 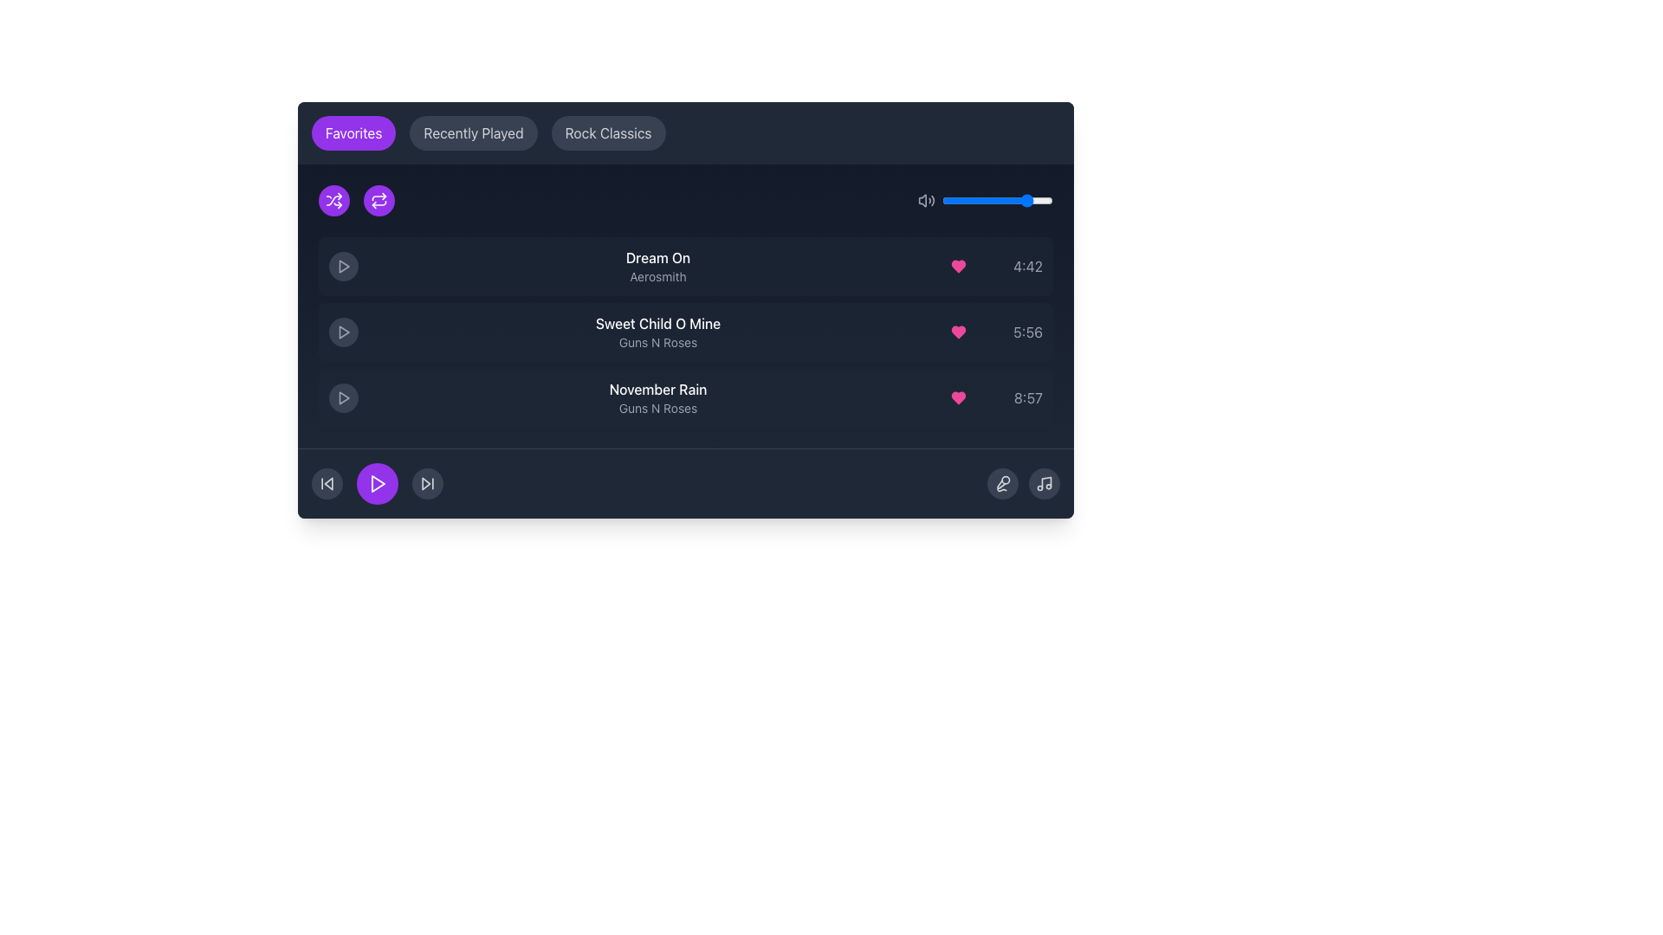 What do you see at coordinates (958, 397) in the screenshot?
I see `the heart icon in the 'Favorites' section of the music interface` at bounding box center [958, 397].